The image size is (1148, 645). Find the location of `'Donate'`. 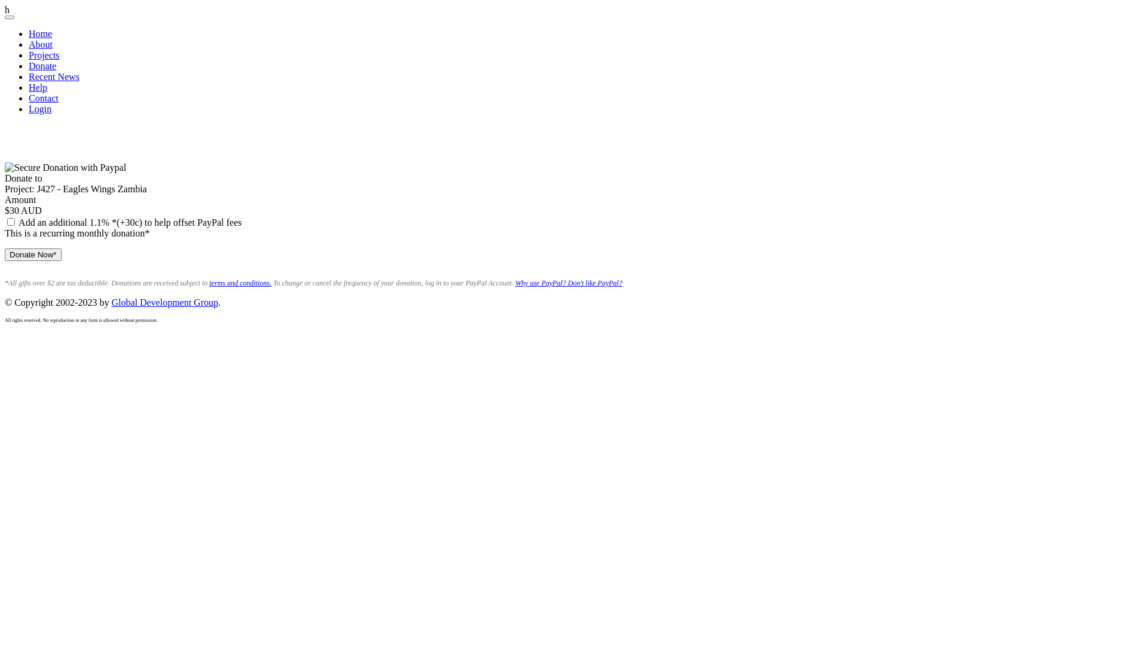

'Donate' is located at coordinates (29, 66).